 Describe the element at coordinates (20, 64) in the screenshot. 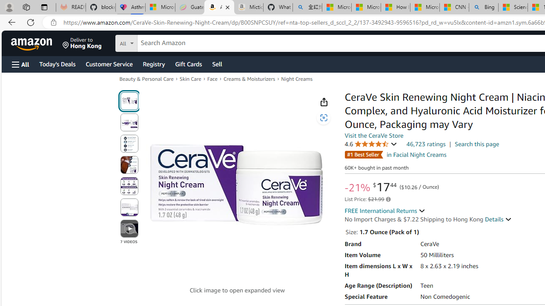

I see `'Open Menu'` at that location.